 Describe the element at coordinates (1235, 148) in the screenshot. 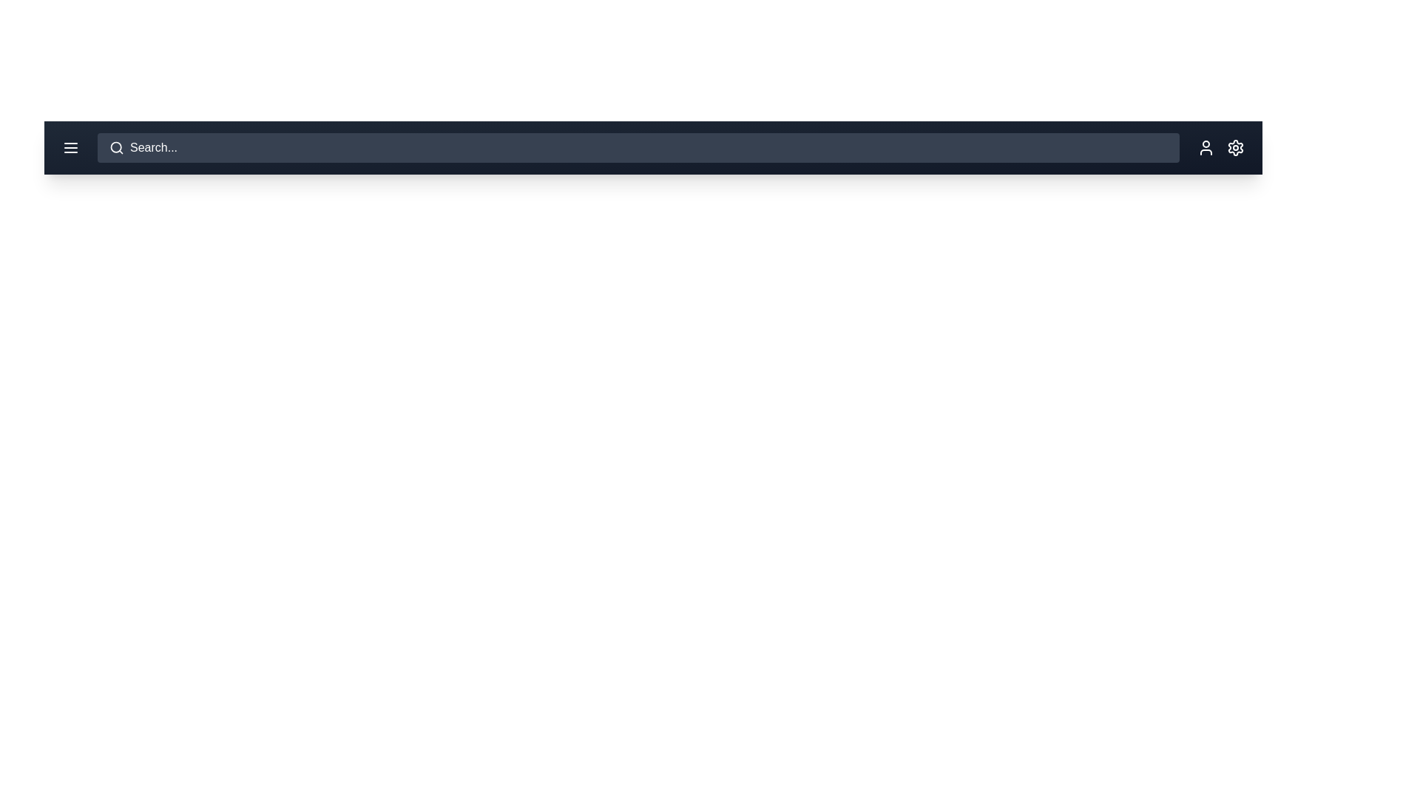

I see `the settings button located at the top-right corner of the app bar` at that location.